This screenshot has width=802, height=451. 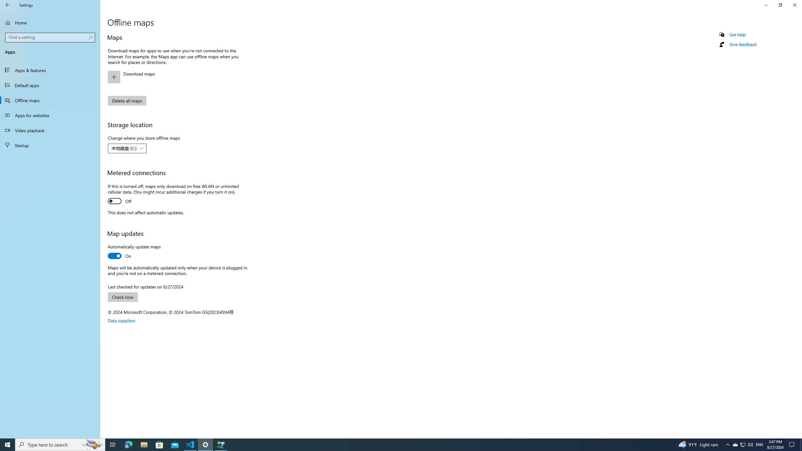 What do you see at coordinates (175, 77) in the screenshot?
I see `'Download maps'` at bounding box center [175, 77].